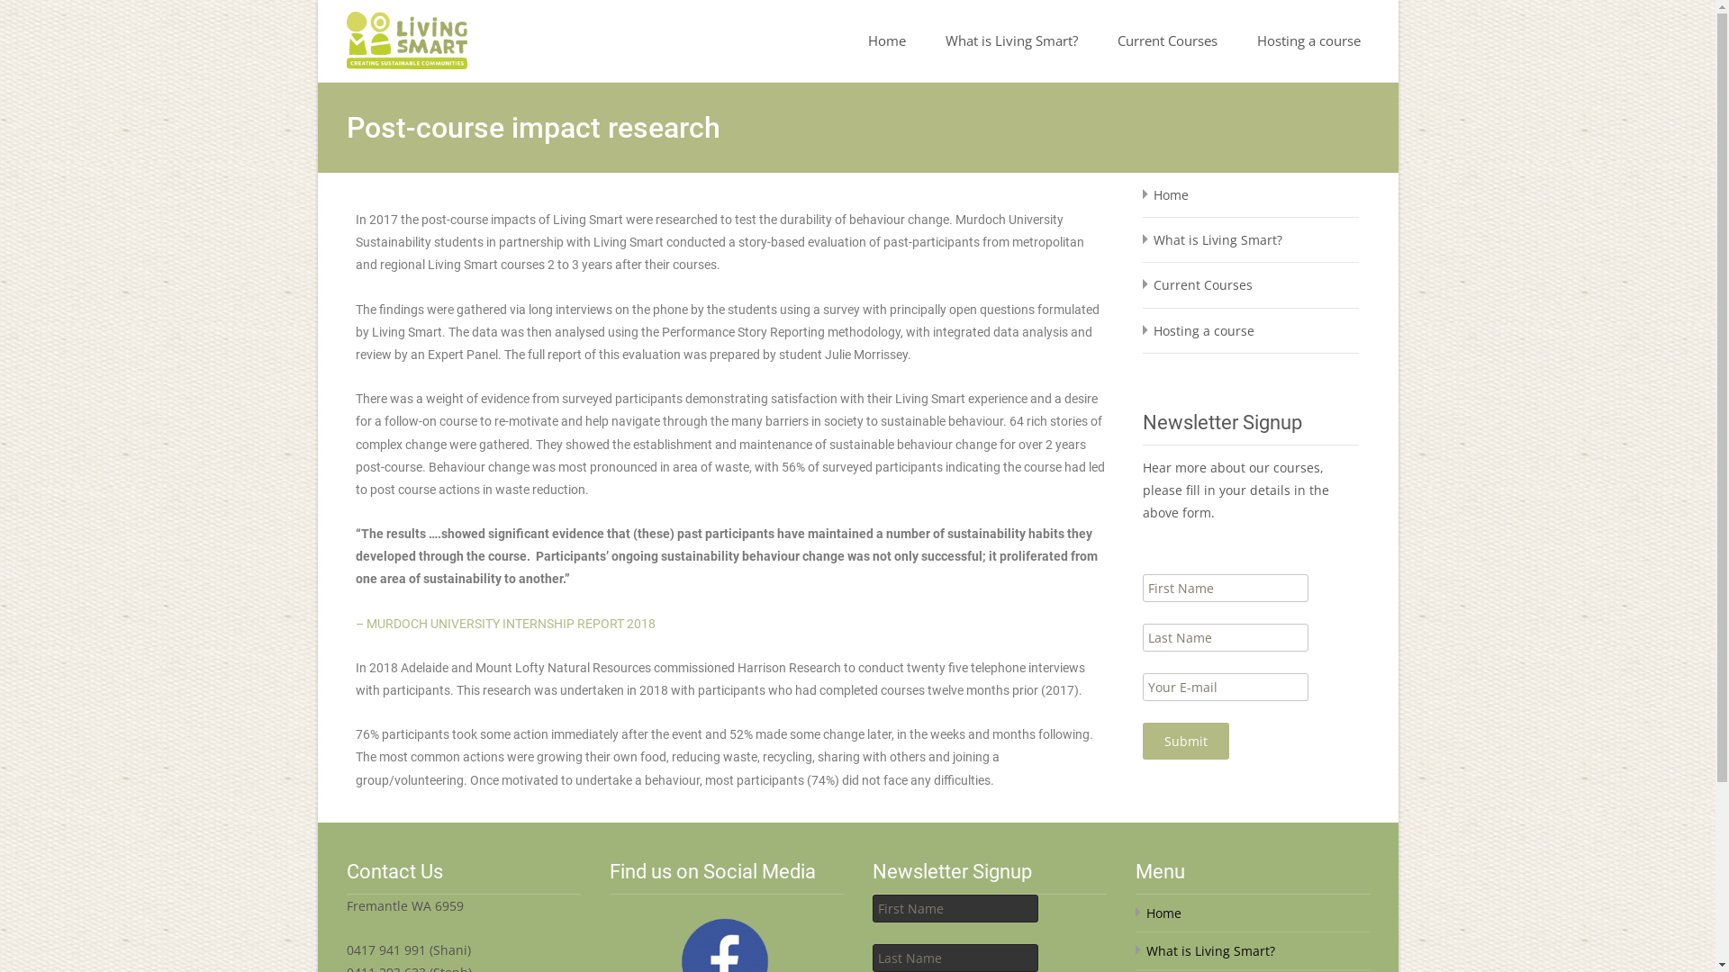  I want to click on 'Living Smart', so click(391, 35).